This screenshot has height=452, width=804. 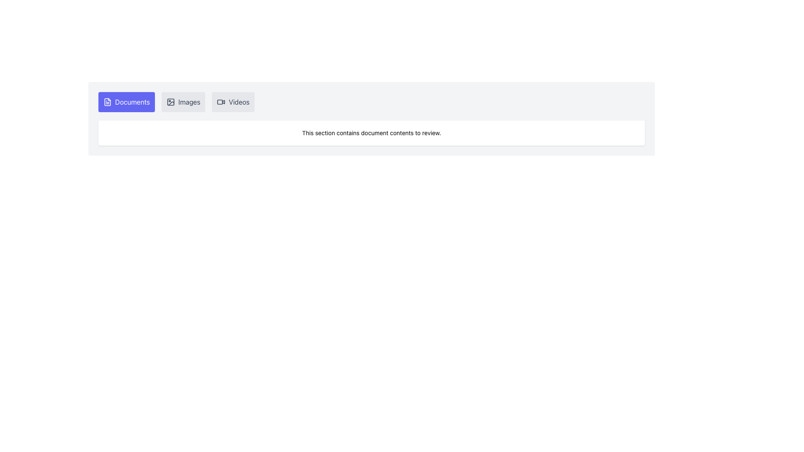 I want to click on the video camera icon SVG that is positioned on the left side of the 'Videos' button in a horizontal button group, so click(x=221, y=101).